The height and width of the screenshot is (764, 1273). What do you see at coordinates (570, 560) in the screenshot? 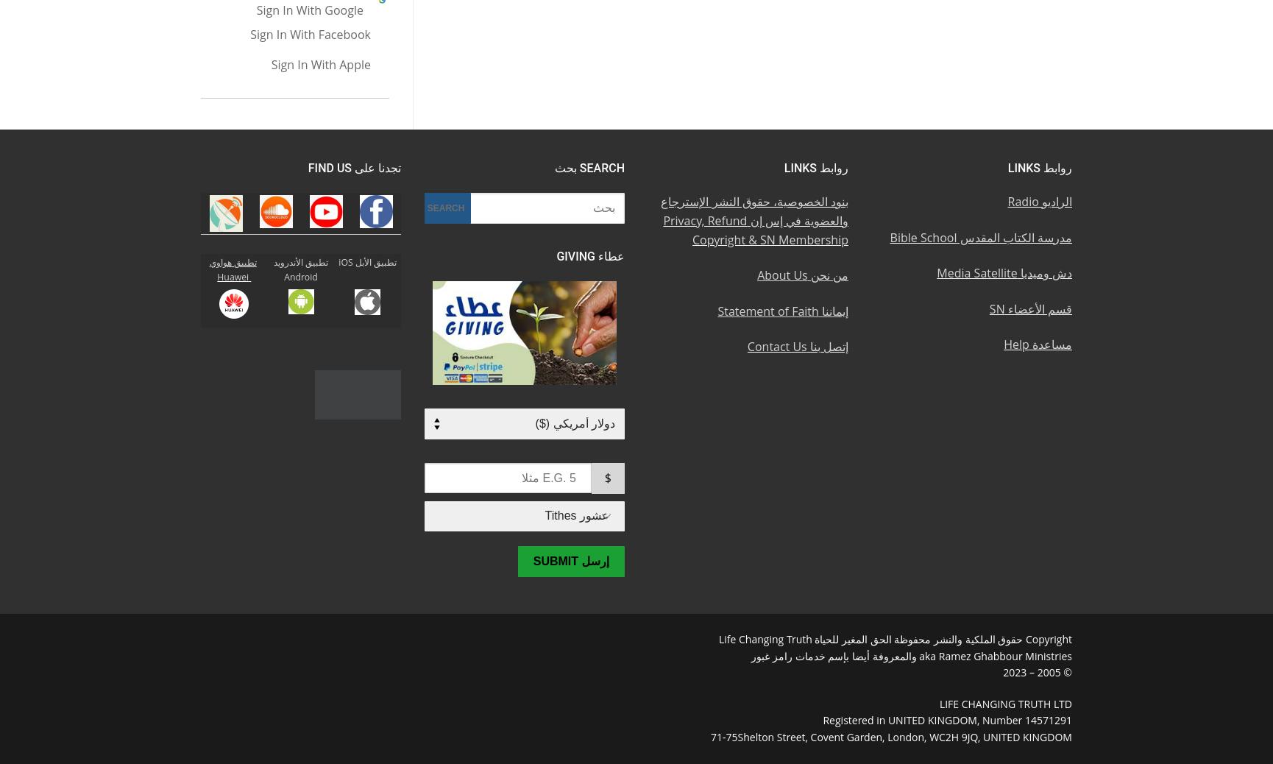
I see `'إرسل Submit'` at bounding box center [570, 560].